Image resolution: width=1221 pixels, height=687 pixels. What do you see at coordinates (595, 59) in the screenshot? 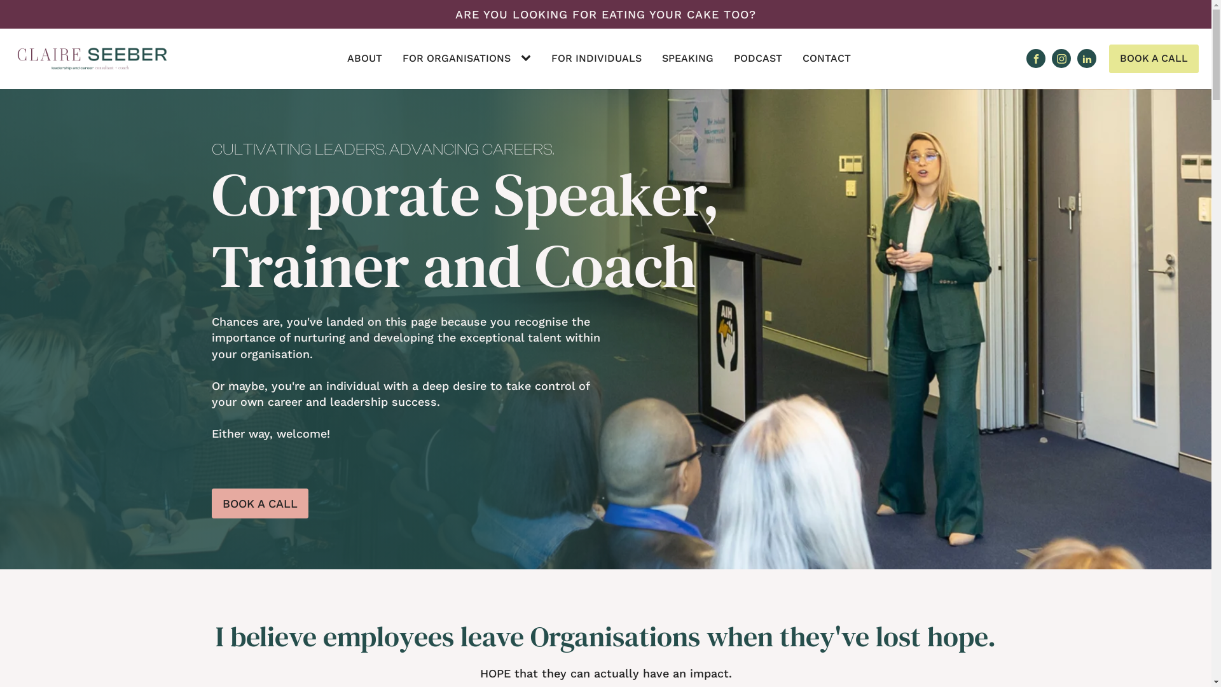
I see `'FOR INDIVIDUALS'` at bounding box center [595, 59].